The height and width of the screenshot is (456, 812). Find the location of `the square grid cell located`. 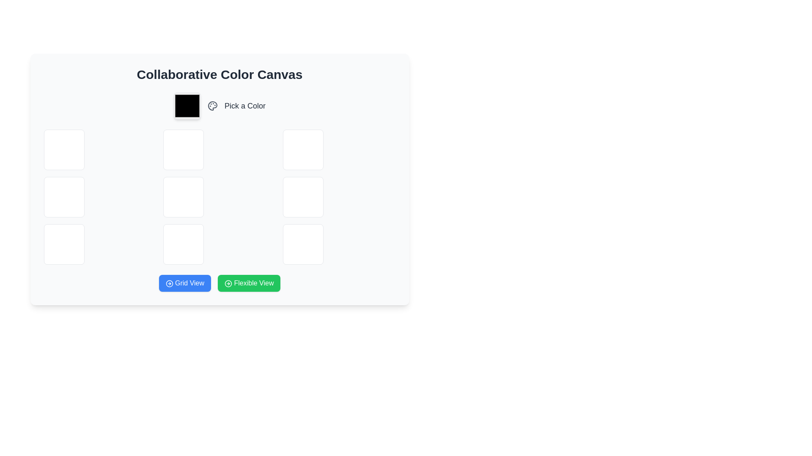

the square grid cell located is located at coordinates (63, 244).